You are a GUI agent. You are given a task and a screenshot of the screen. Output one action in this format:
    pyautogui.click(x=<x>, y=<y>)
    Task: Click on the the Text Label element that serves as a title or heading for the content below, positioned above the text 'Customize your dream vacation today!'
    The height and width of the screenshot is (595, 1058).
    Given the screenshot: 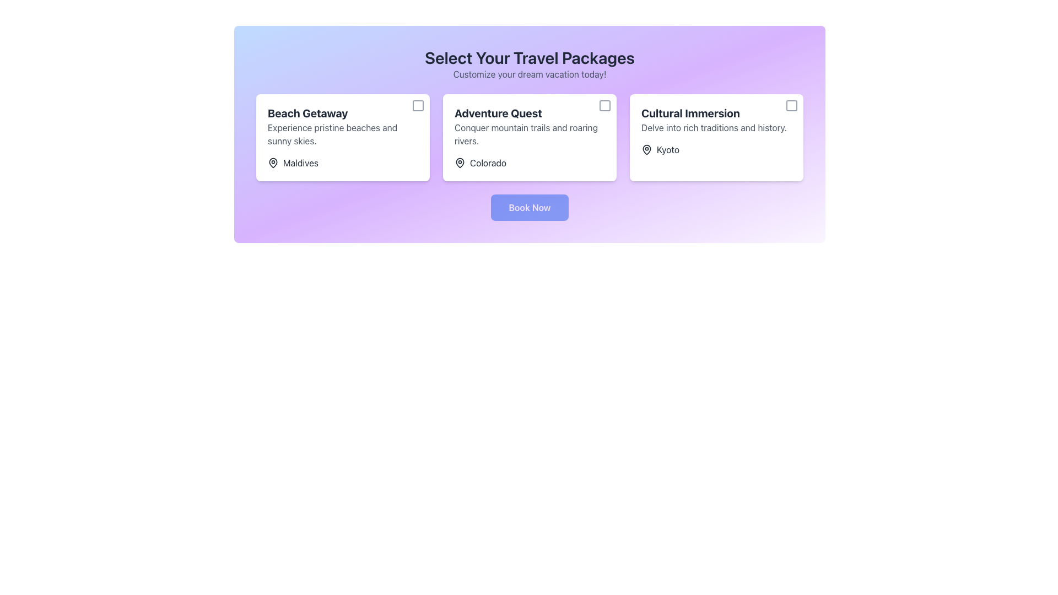 What is the action you would take?
    pyautogui.click(x=530, y=57)
    